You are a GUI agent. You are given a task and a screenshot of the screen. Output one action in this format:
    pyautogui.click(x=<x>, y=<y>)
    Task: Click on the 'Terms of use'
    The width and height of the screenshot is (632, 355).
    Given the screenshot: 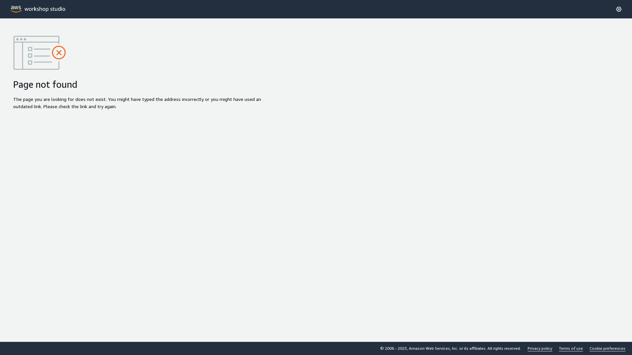 What is the action you would take?
    pyautogui.click(x=570, y=348)
    